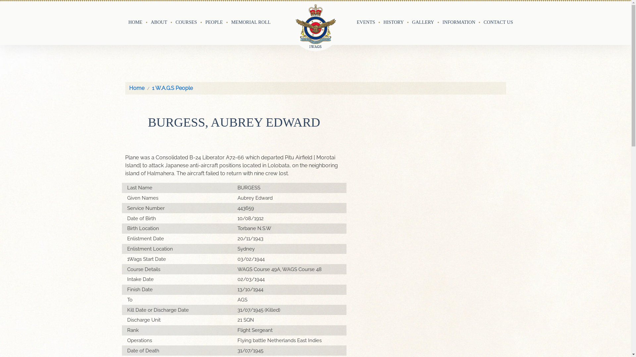 This screenshot has height=357, width=636. I want to click on 'EVENTS', so click(353, 22).